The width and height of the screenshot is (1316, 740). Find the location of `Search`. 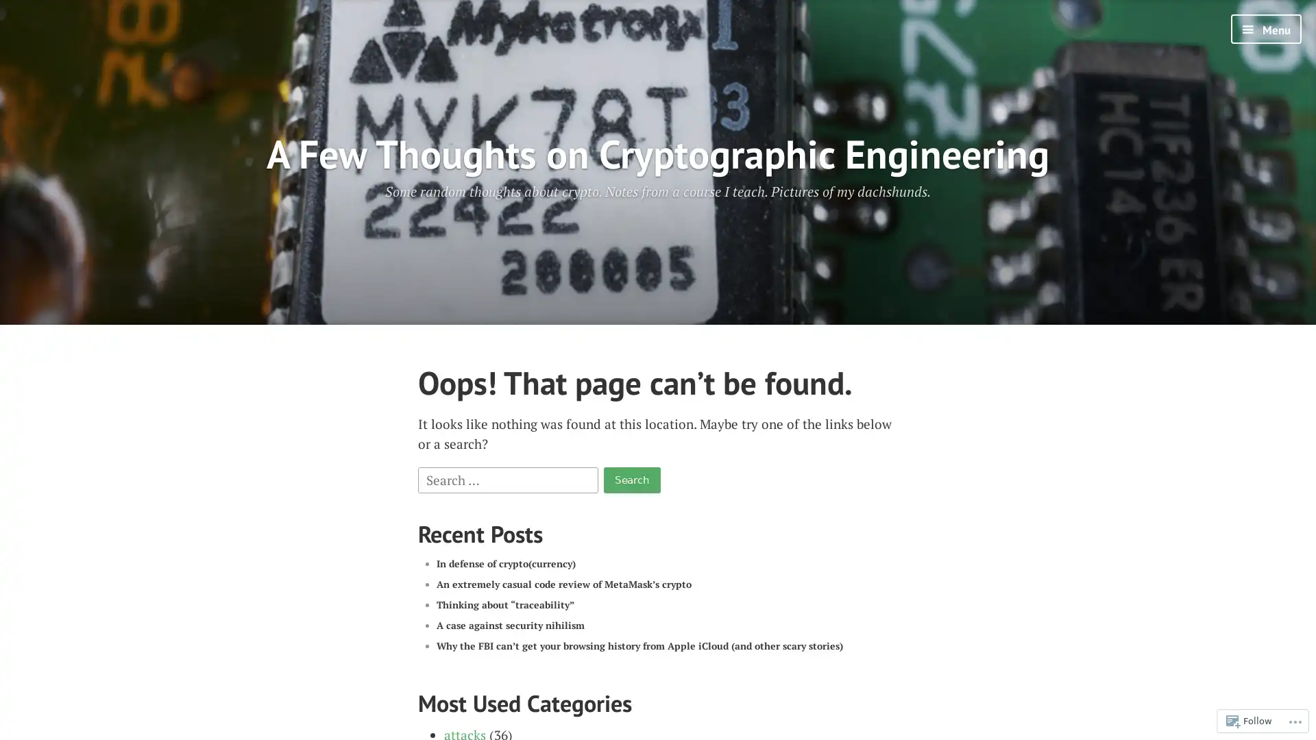

Search is located at coordinates (631, 478).